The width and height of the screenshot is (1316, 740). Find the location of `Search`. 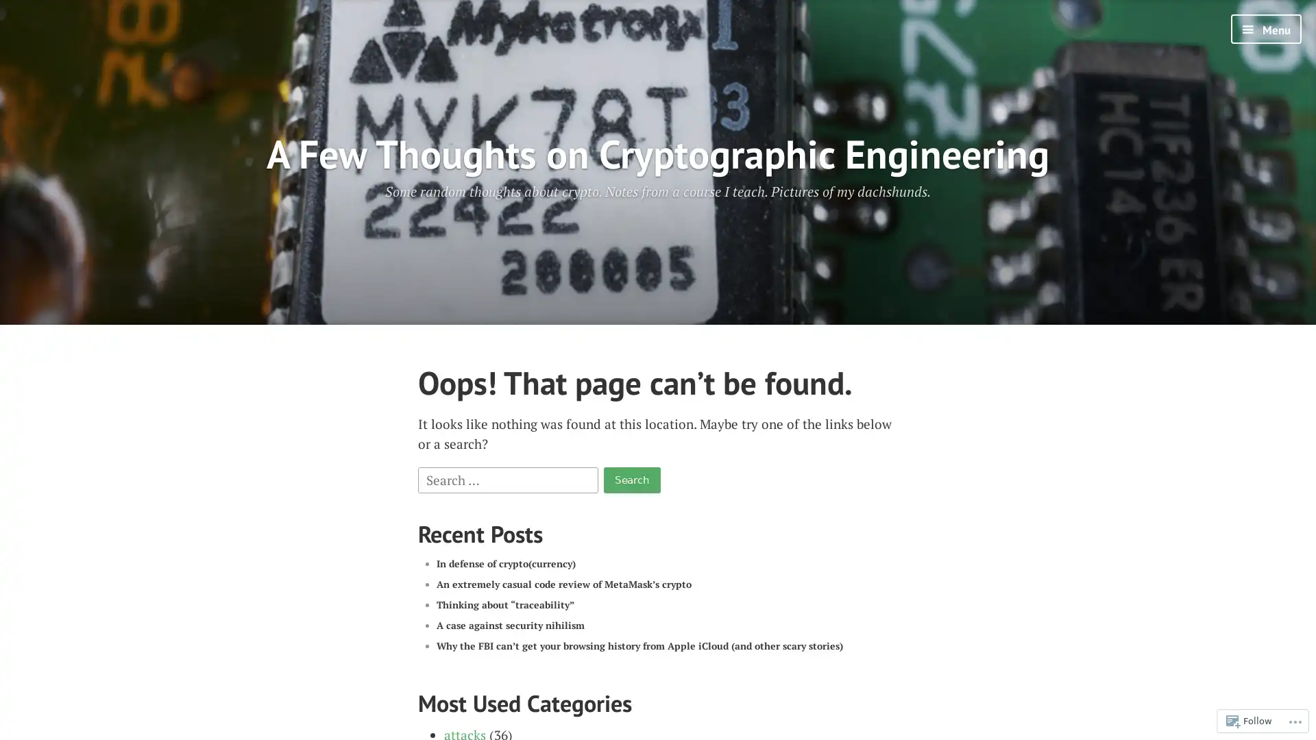

Search is located at coordinates (631, 478).